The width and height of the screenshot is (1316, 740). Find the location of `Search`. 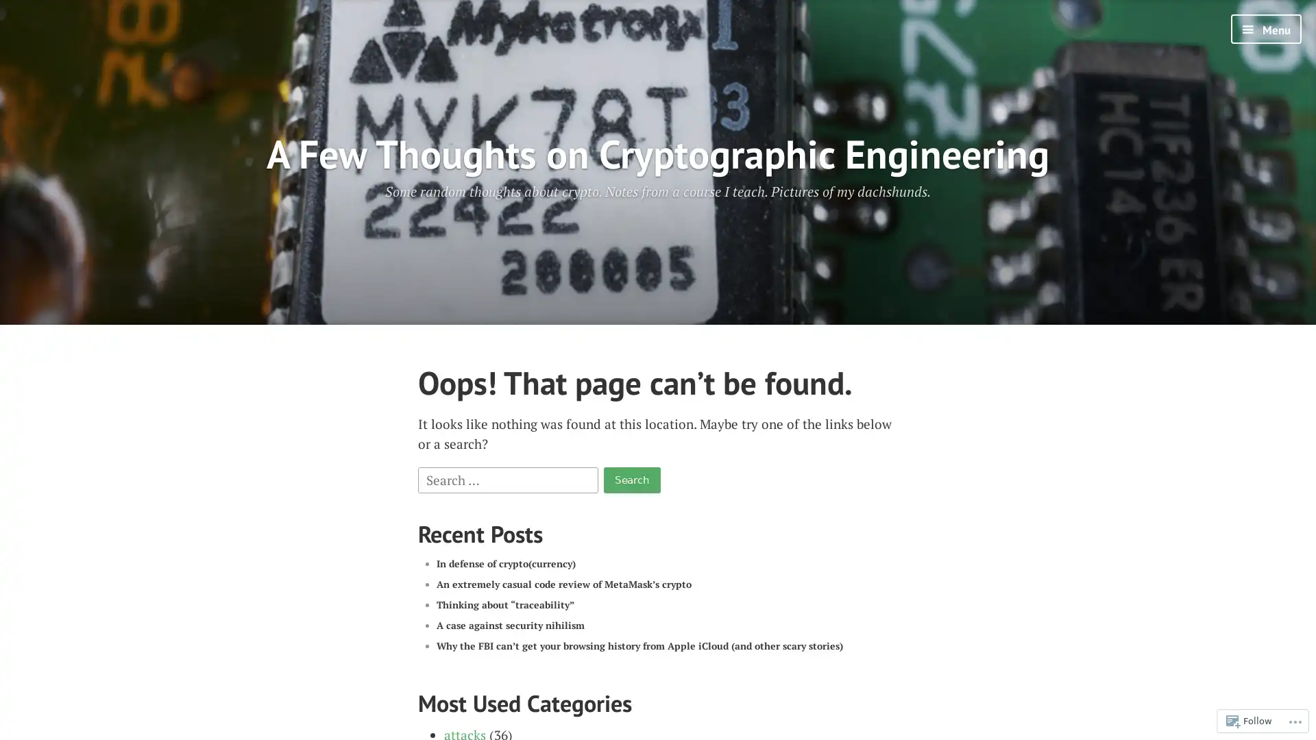

Search is located at coordinates (631, 478).